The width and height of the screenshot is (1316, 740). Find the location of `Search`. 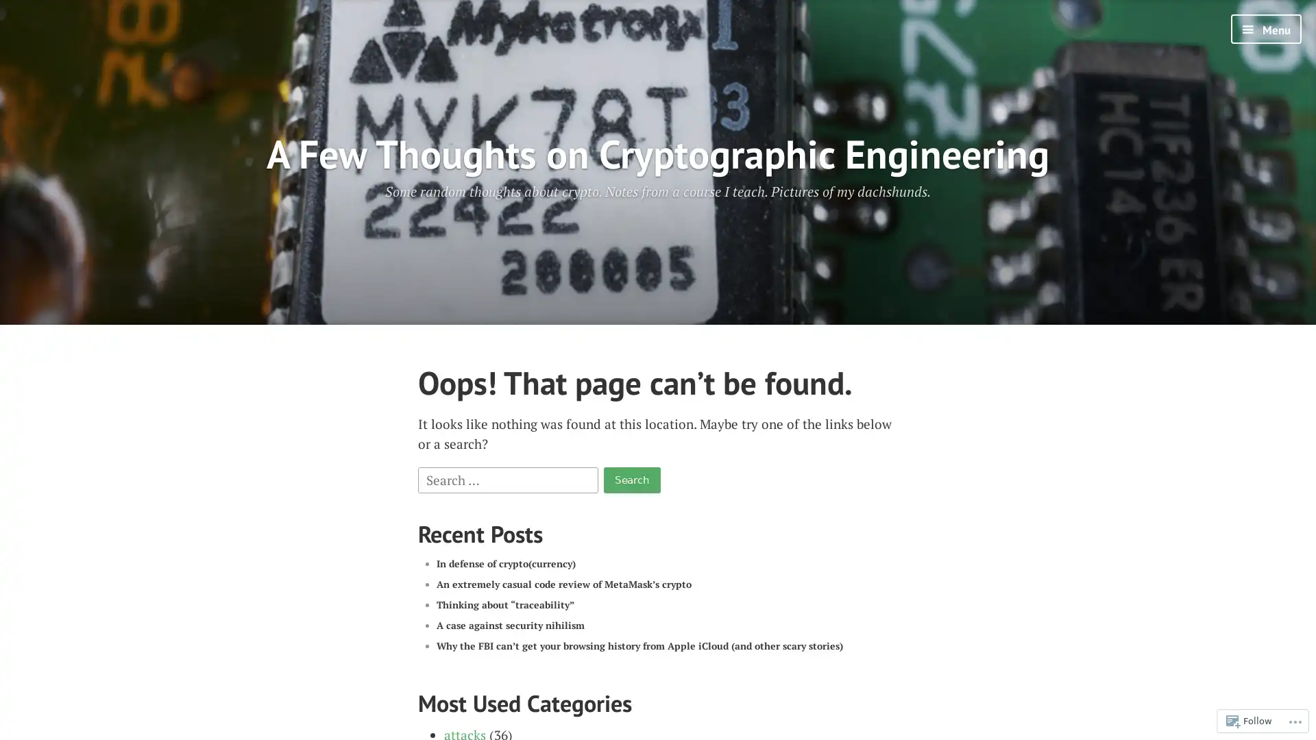

Search is located at coordinates (631, 478).